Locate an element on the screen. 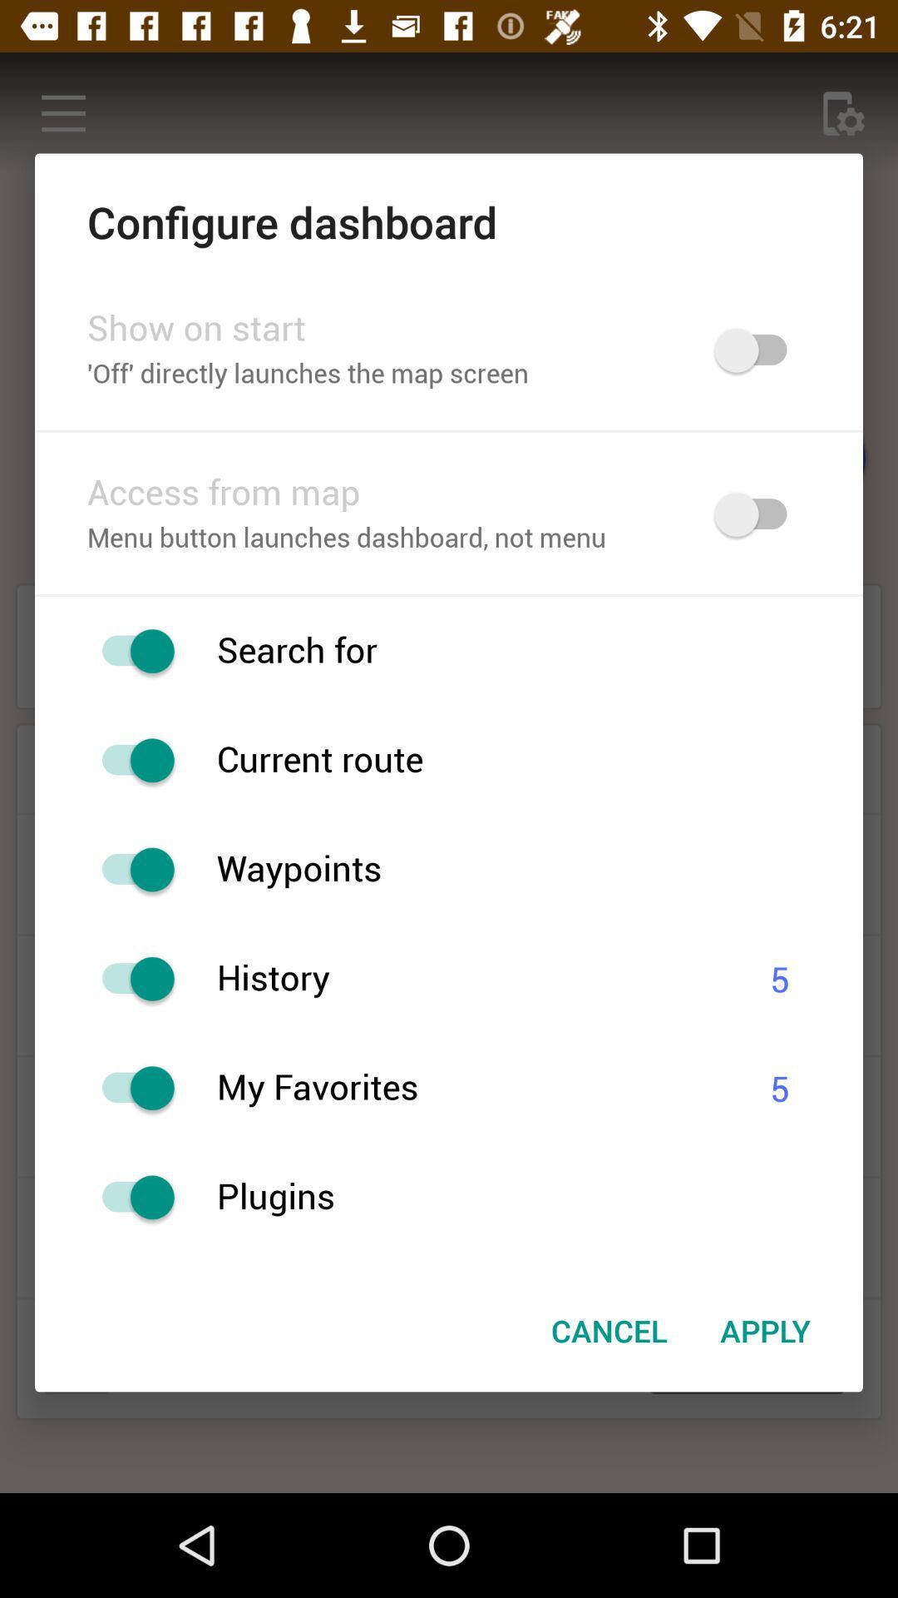 The width and height of the screenshot is (898, 1598). switch plugins is located at coordinates (129, 1196).